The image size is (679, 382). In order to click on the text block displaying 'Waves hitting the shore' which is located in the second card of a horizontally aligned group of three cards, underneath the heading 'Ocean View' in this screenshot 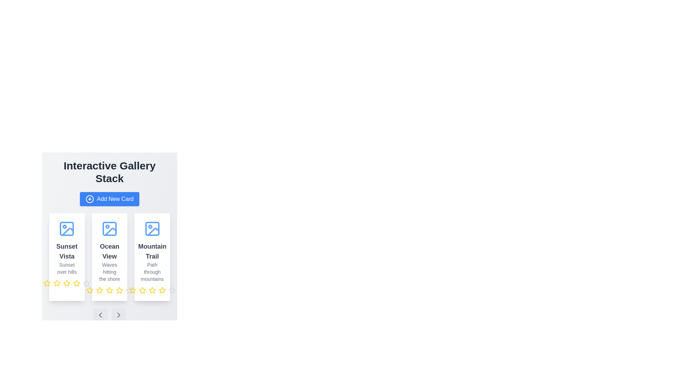, I will do `click(109, 271)`.